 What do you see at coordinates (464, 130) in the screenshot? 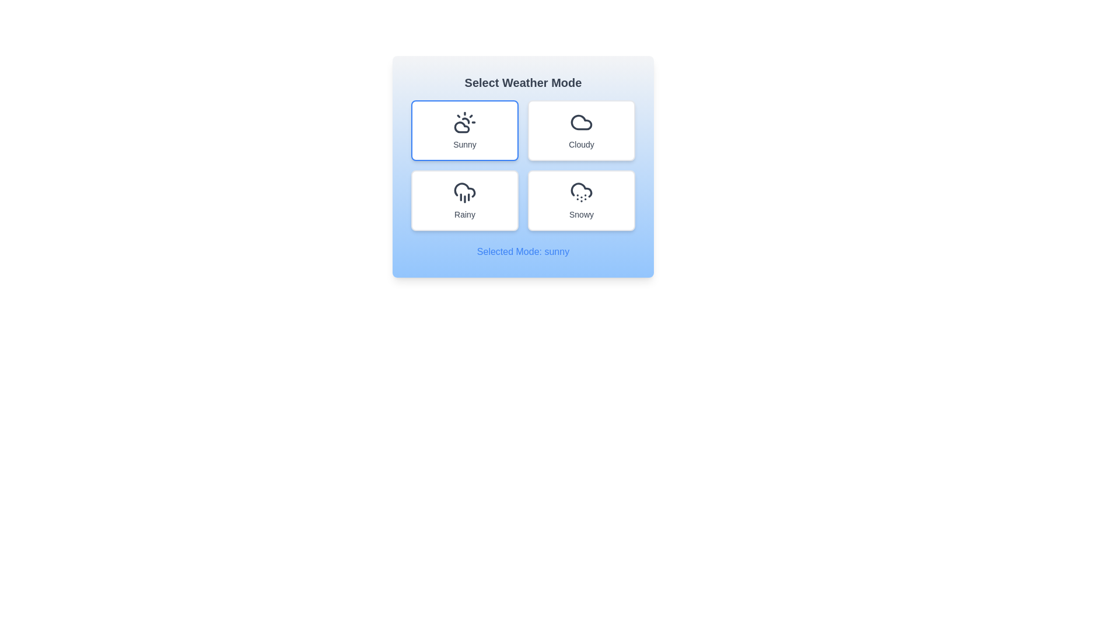
I see `the weather mode button labeled Sunny` at bounding box center [464, 130].